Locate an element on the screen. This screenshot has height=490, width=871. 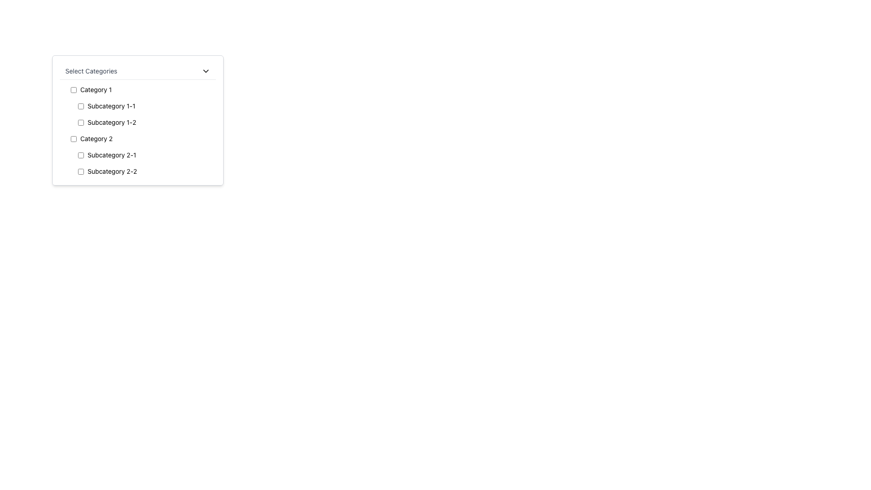
the downward-pointing chevron icon next to the 'Select Categories' label is located at coordinates (206, 71).